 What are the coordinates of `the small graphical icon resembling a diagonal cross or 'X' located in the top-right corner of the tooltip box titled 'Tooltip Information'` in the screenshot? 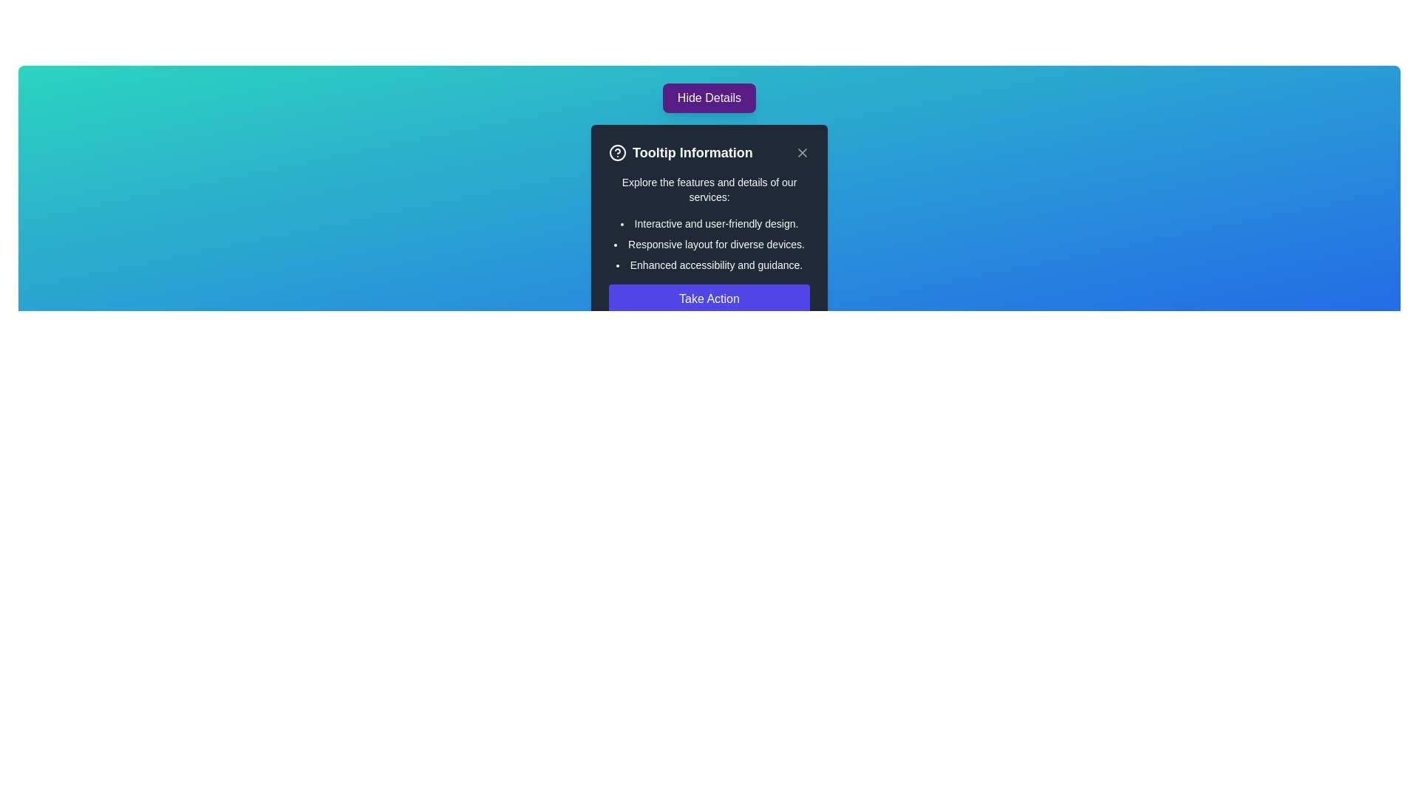 It's located at (801, 153).